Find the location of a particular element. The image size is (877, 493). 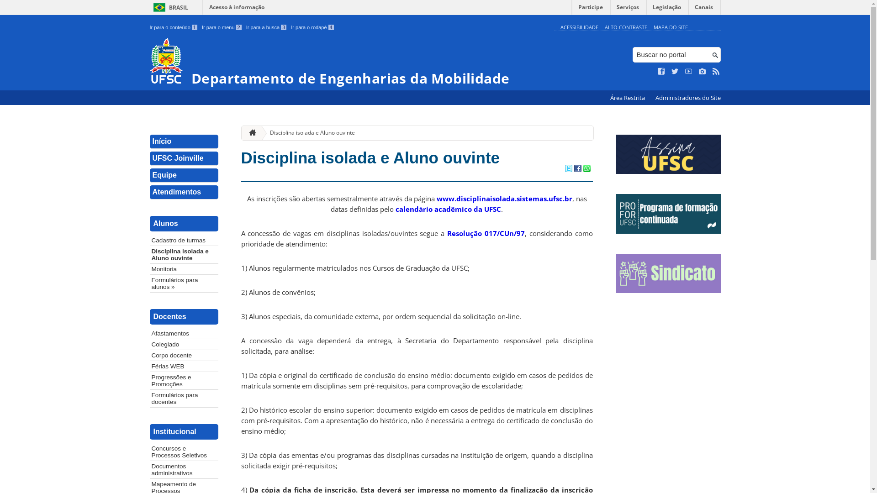

'Participe' is located at coordinates (571, 9).